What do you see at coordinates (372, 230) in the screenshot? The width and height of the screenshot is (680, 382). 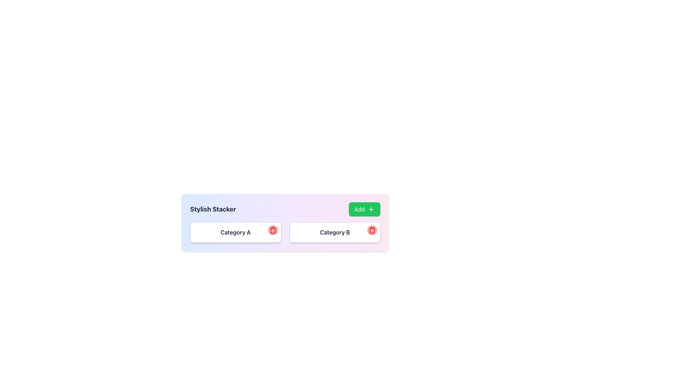 I see `the red trash can icon button located on the right side of the 'Category B' label` at bounding box center [372, 230].